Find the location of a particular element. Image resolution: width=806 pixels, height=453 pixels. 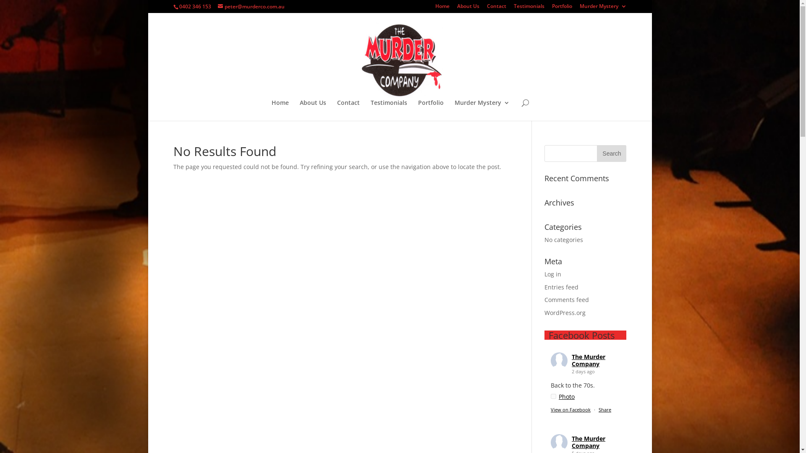

'The Murder Company' is located at coordinates (588, 360).